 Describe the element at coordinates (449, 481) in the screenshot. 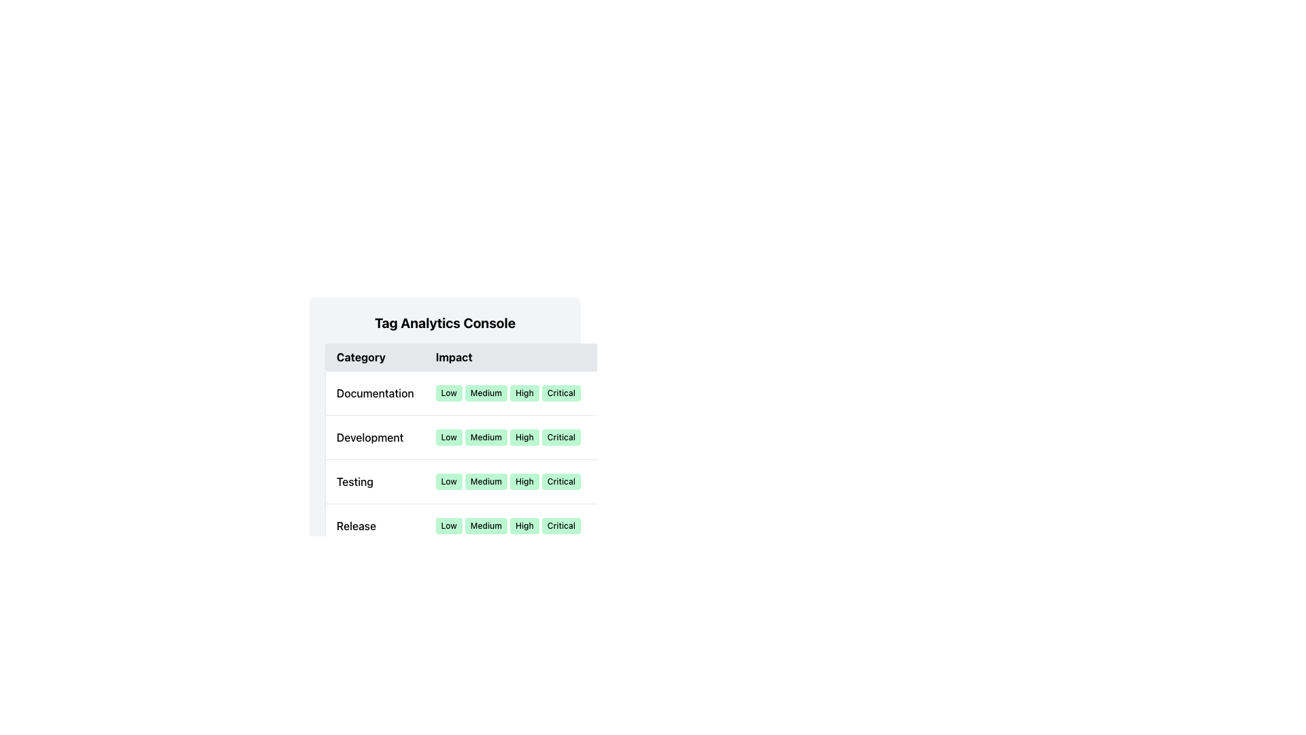

I see `the green button labeled 'Low', which is the first button in a group of four buttons under the 'Testing' label in the 'Impact' category` at that location.